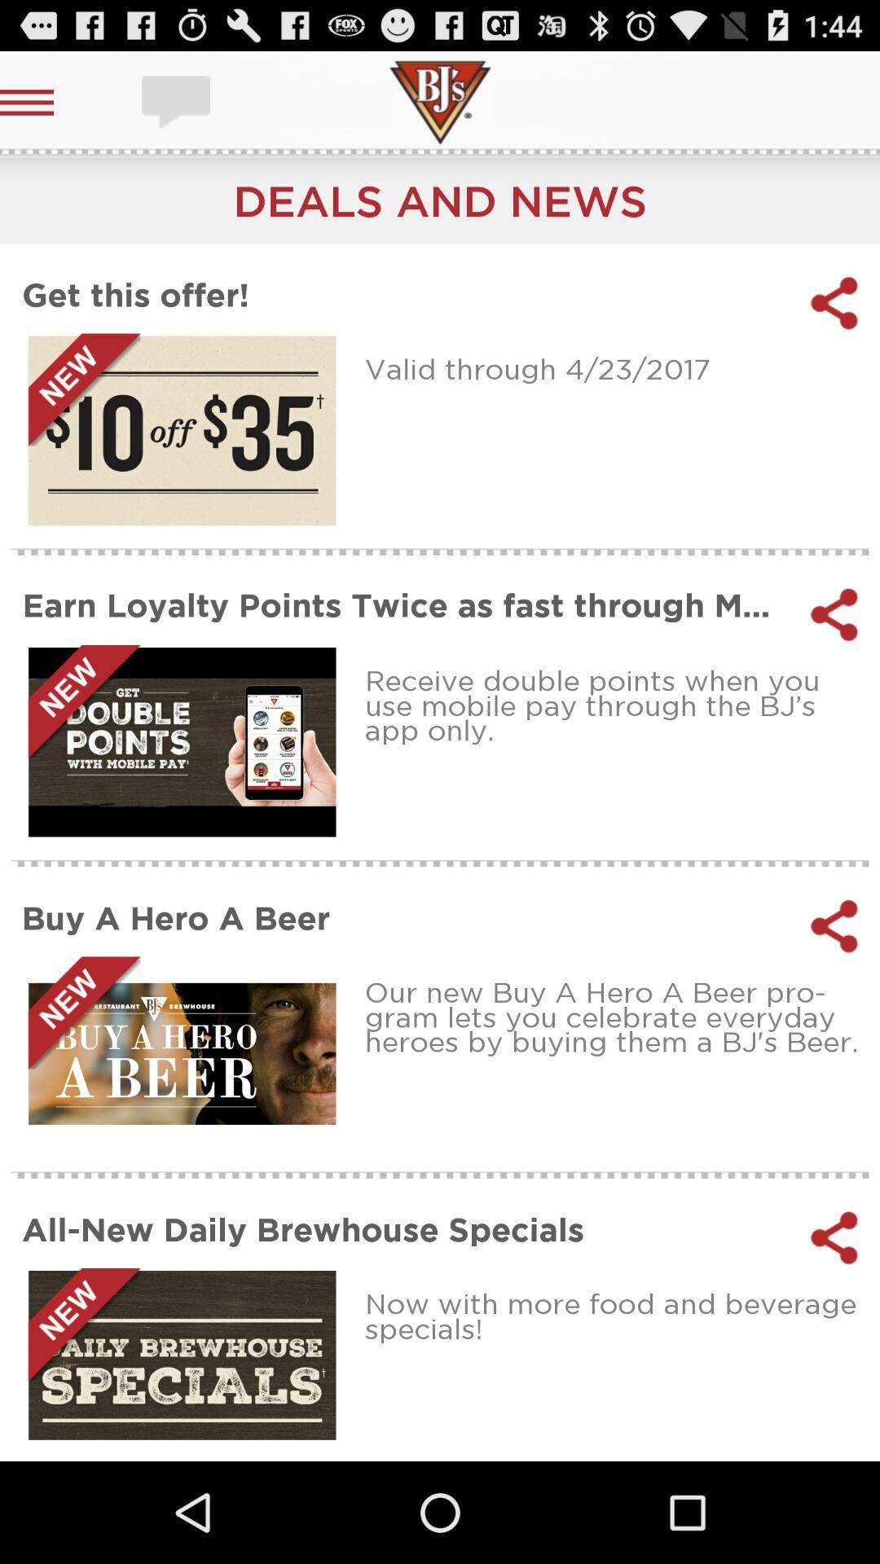  I want to click on share the offer, so click(834, 303).